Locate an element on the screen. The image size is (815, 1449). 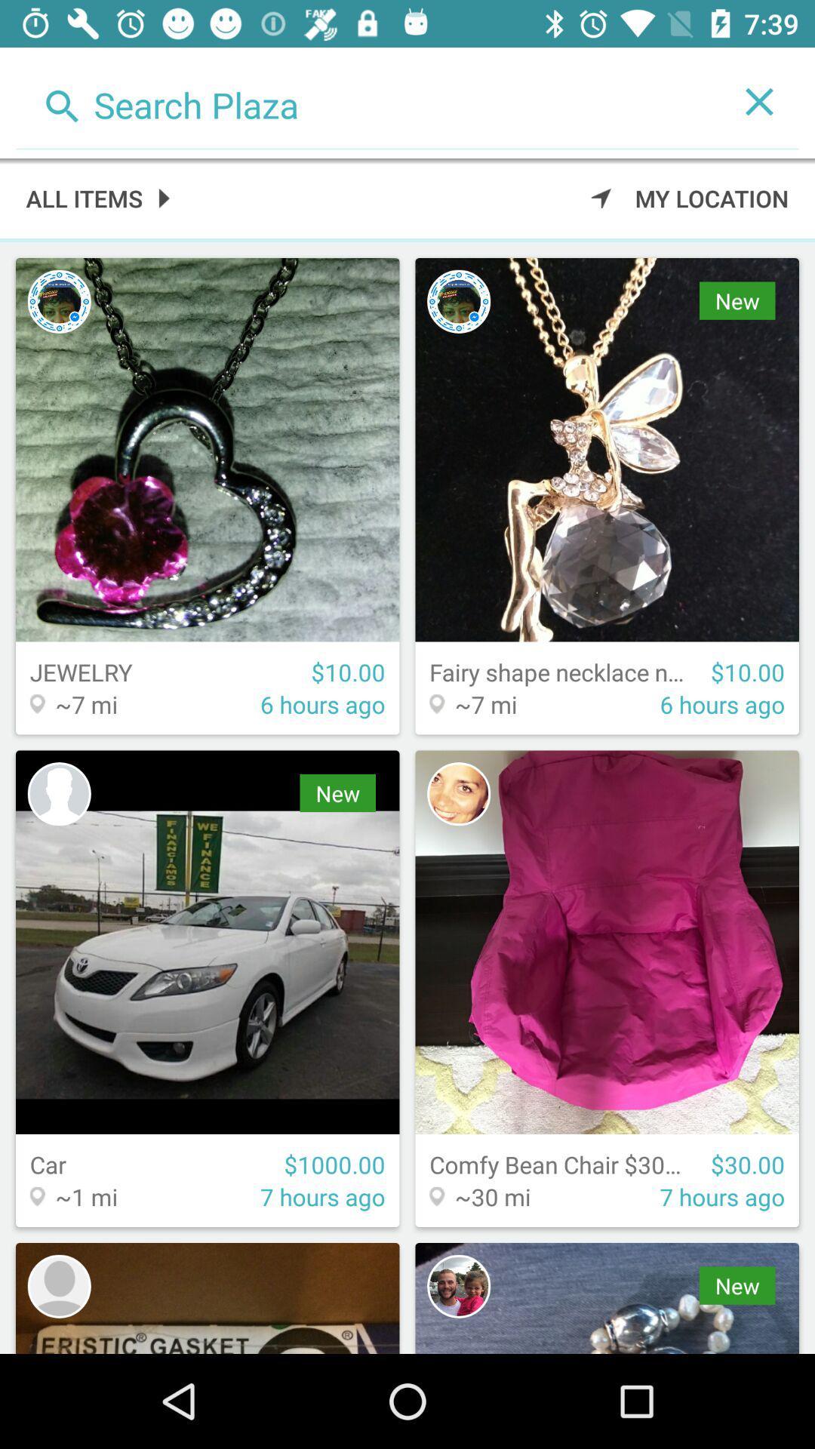
seller profile is located at coordinates (458, 793).